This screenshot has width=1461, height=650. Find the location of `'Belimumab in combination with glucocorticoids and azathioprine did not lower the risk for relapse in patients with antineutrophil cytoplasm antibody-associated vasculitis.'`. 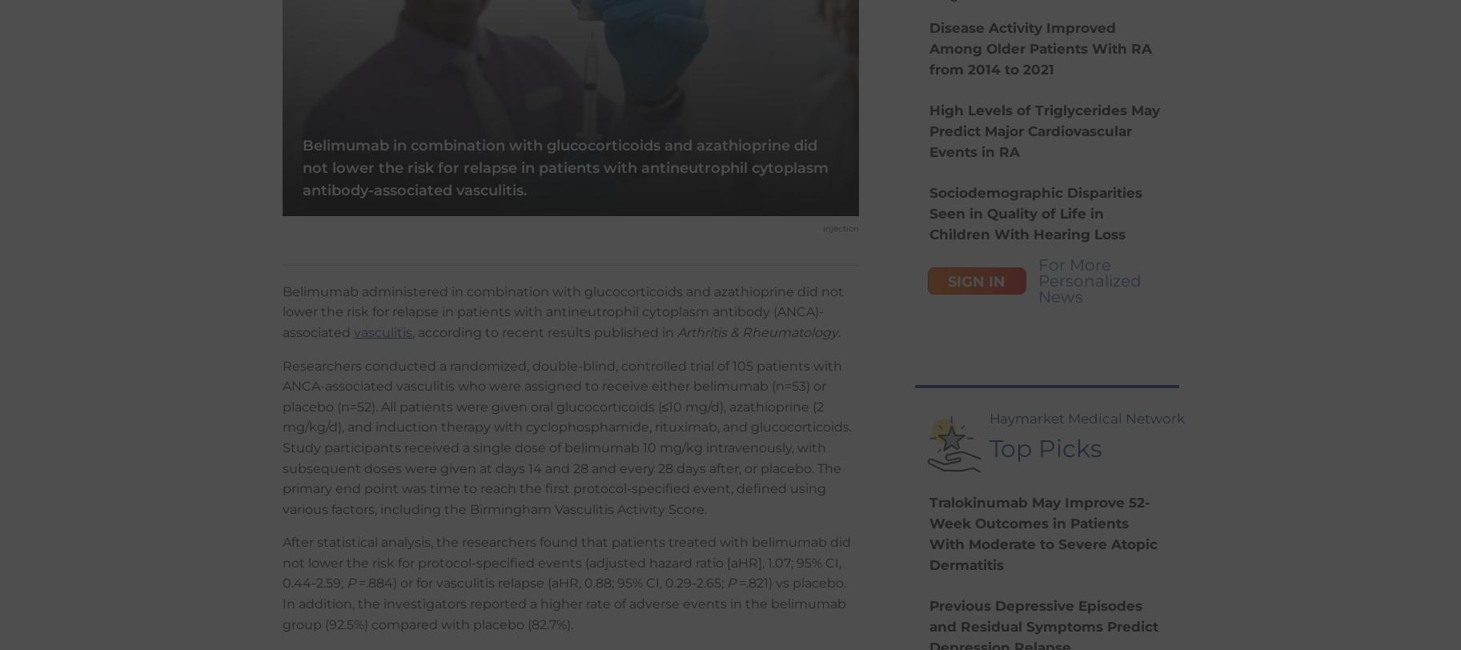

'Belimumab in combination with glucocorticoids and azathioprine did not lower the risk for relapse in patients with antineutrophil cytoplasm antibody-associated vasculitis.' is located at coordinates (564, 167).